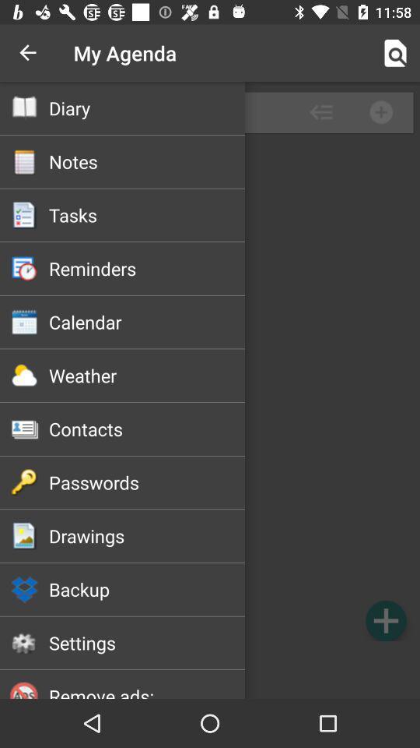 This screenshot has height=748, width=420. I want to click on the icon next to backup icon, so click(385, 620).